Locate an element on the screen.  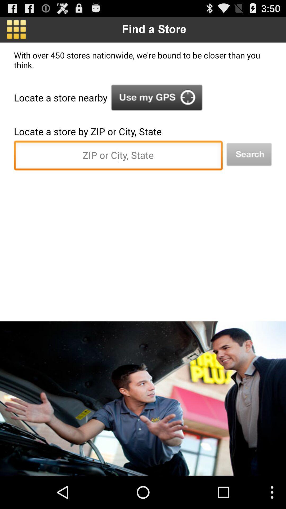
the apps icon is located at coordinates (16, 29).